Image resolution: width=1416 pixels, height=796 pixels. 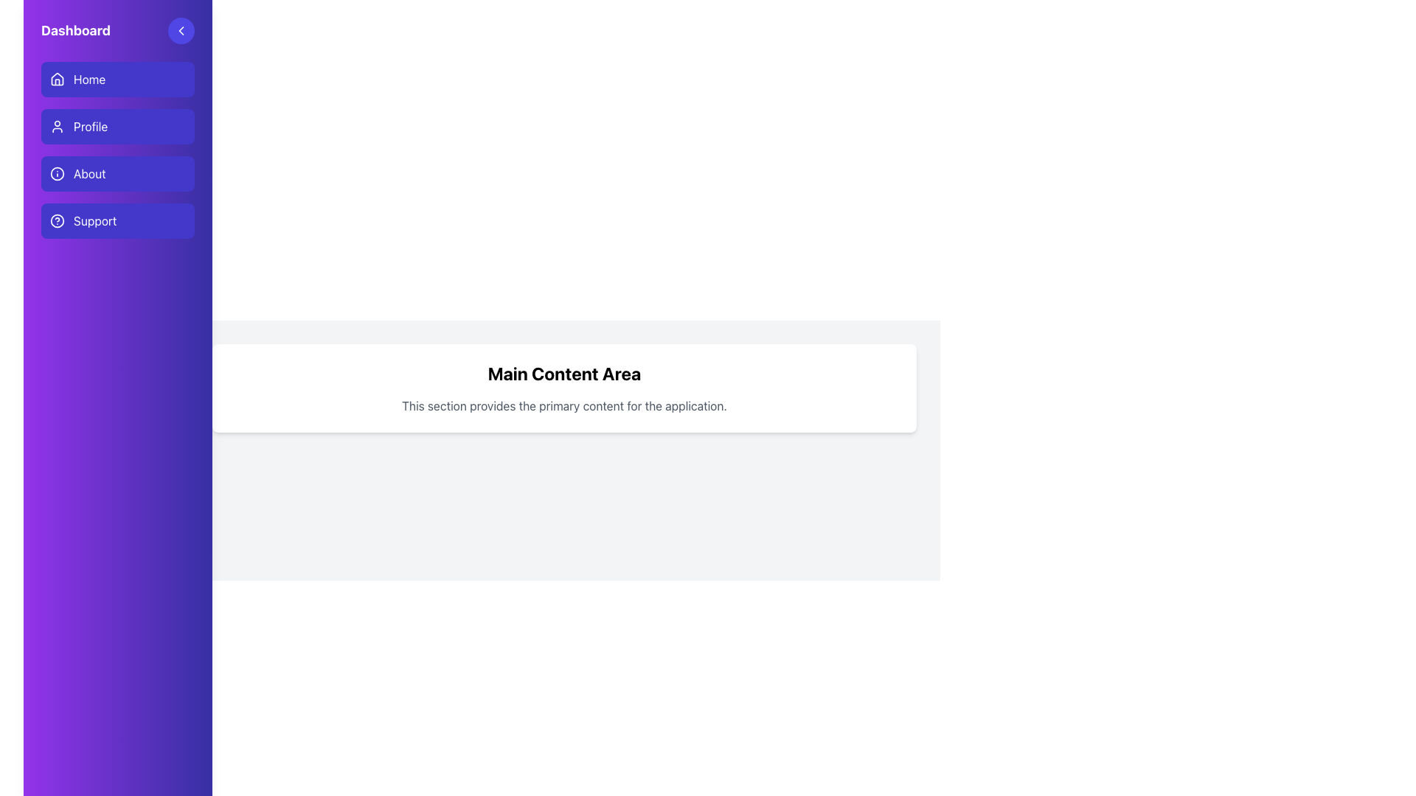 What do you see at coordinates (57, 126) in the screenshot?
I see `the profile icon located within the 'Profile' button on the vertical navigation bar, which represents a personal account` at bounding box center [57, 126].